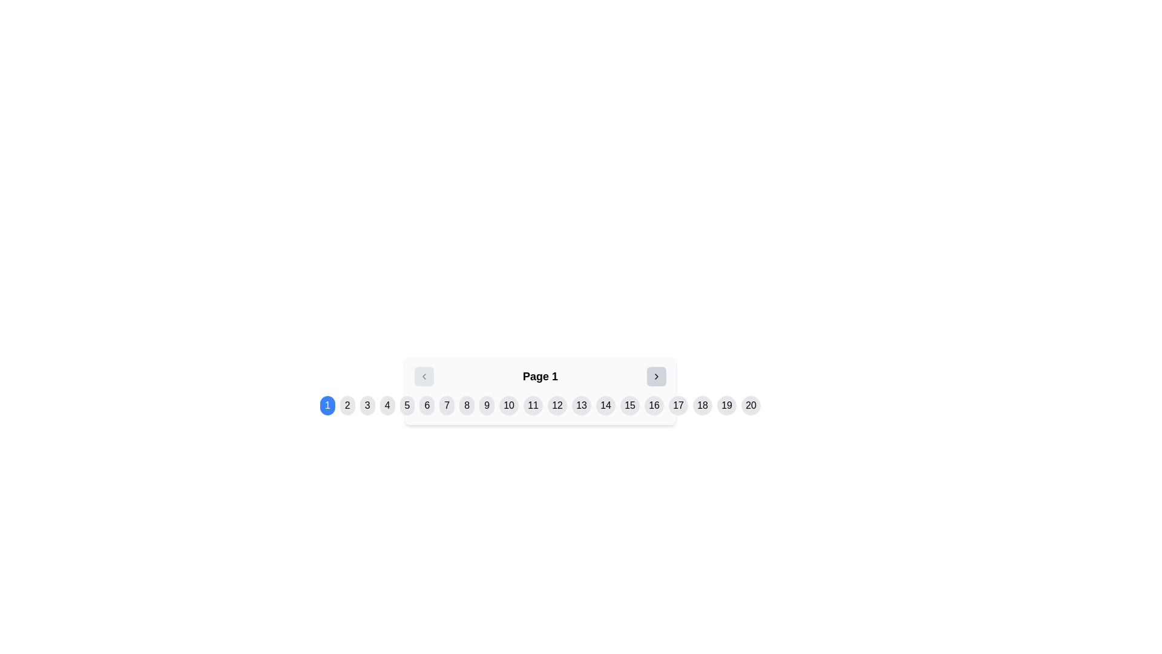  What do you see at coordinates (407, 406) in the screenshot?
I see `the circular button labeled '5' with a light gray background, which is the fifth button in a navigation bar, to change its background color` at bounding box center [407, 406].